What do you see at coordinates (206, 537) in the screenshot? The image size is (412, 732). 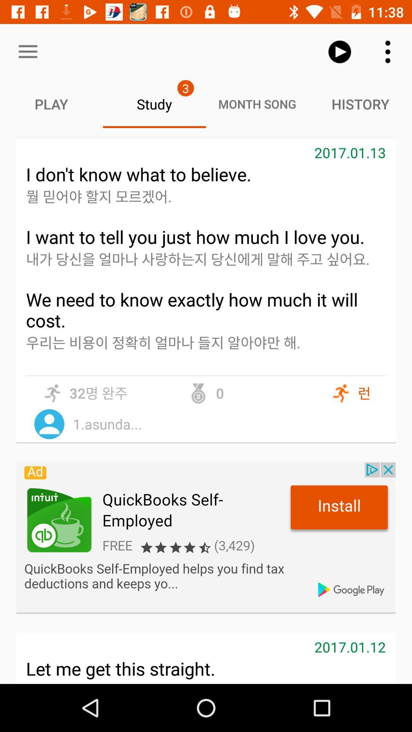 I see `go back` at bounding box center [206, 537].